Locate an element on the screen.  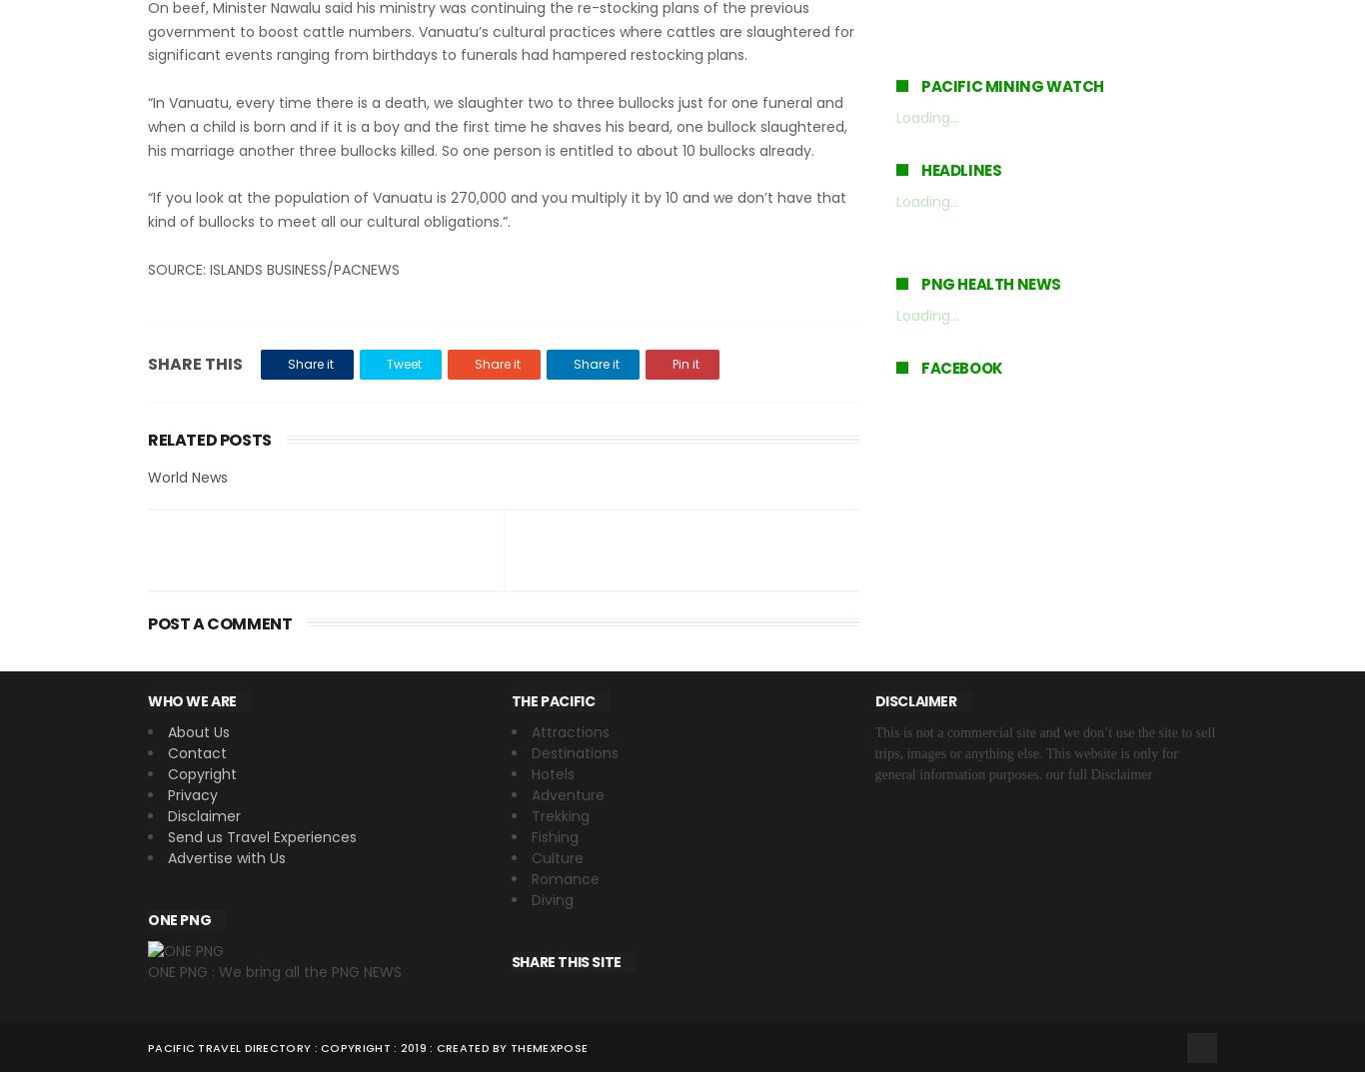
'Copyright' is located at coordinates (201, 773).